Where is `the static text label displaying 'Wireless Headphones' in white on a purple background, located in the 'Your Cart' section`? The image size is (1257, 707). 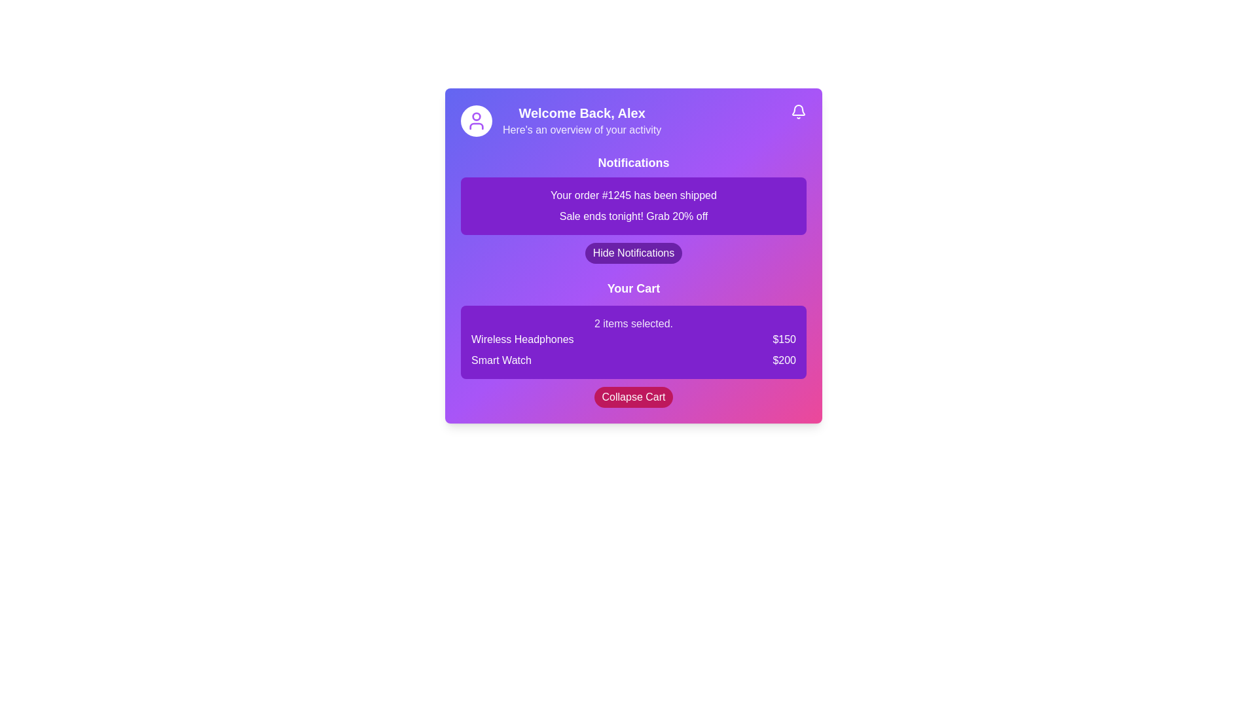 the static text label displaying 'Wireless Headphones' in white on a purple background, located in the 'Your Cart' section is located at coordinates (522, 339).